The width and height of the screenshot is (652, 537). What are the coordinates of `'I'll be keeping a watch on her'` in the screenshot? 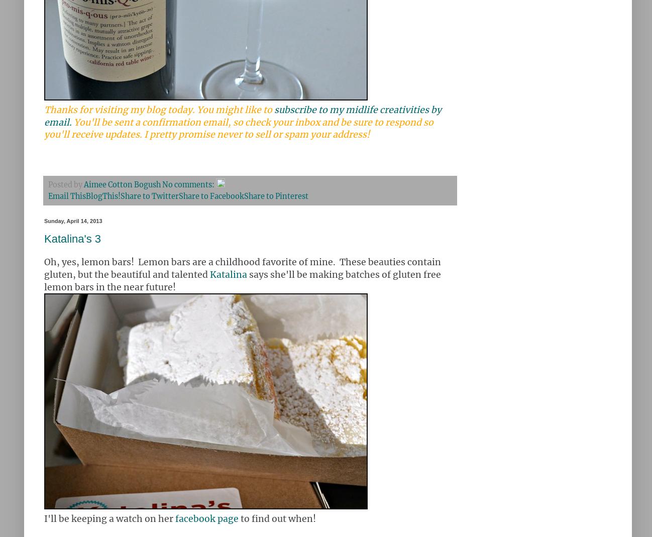 It's located at (110, 518).